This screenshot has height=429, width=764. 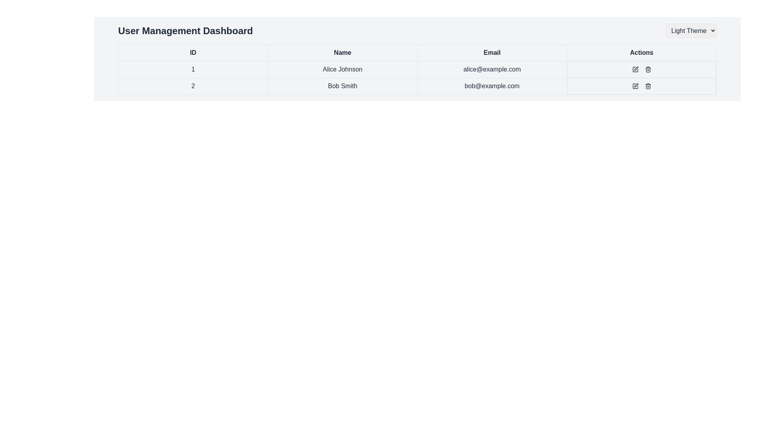 I want to click on the text 'bob@example.com' within the Text element located in the third cell of the second row of the table, under the 'Email' column header, so click(x=417, y=78).